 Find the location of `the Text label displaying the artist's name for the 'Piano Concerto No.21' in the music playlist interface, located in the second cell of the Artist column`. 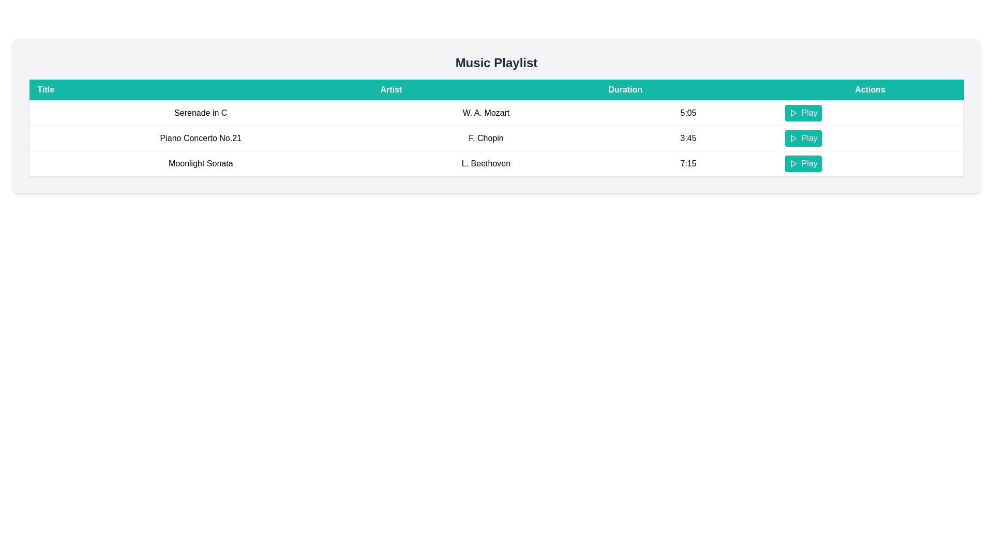

the Text label displaying the artist's name for the 'Piano Concerto No.21' in the music playlist interface, located in the second cell of the Artist column is located at coordinates (486, 137).